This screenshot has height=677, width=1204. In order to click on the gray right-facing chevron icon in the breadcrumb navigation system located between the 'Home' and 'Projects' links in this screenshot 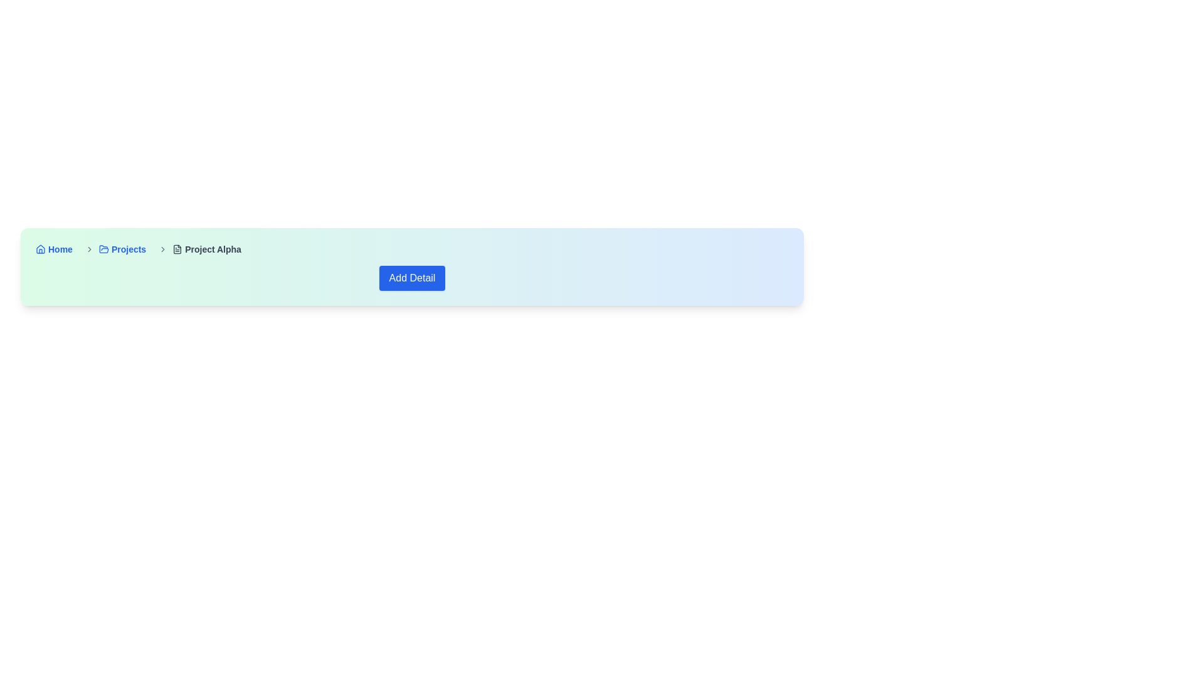, I will do `click(88, 249)`.